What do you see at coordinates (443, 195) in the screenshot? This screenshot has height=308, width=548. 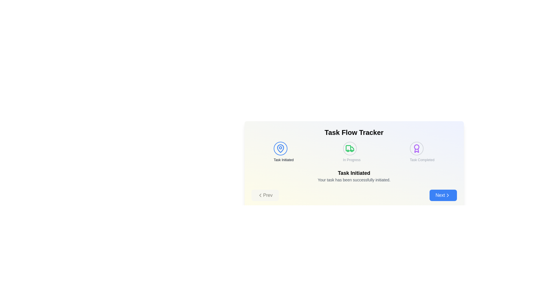 I see `the 'Next' button to navigate to the next step` at bounding box center [443, 195].